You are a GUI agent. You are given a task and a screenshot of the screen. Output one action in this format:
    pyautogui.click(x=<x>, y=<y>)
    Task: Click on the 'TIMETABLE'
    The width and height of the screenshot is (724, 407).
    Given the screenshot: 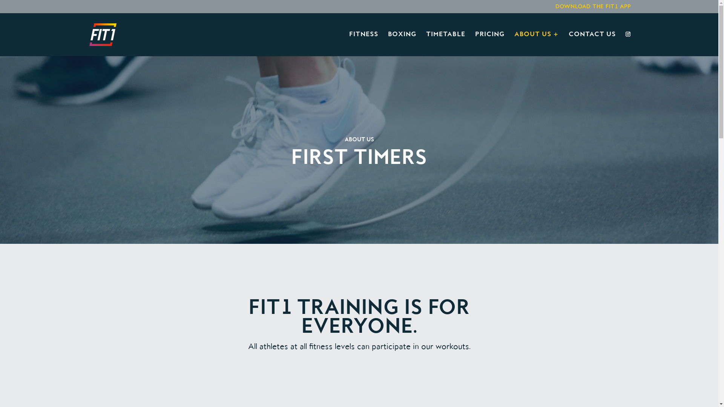 What is the action you would take?
    pyautogui.click(x=445, y=44)
    